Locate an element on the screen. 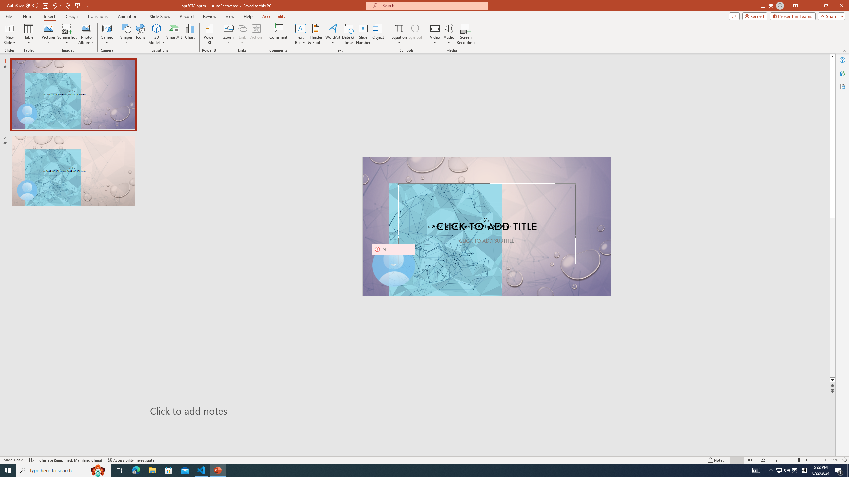 Image resolution: width=849 pixels, height=477 pixels. 'Header & Footer...' is located at coordinates (315, 34).